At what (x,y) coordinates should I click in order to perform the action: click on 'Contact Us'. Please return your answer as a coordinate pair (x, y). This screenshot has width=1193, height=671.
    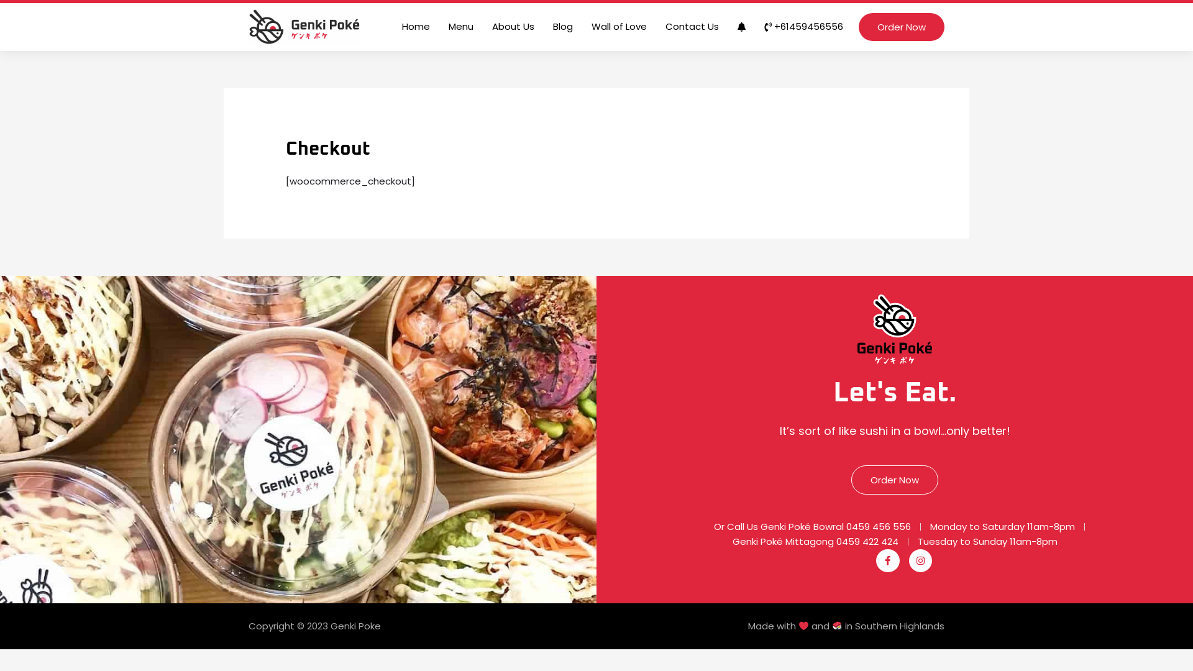
    Looking at the image, I should click on (691, 26).